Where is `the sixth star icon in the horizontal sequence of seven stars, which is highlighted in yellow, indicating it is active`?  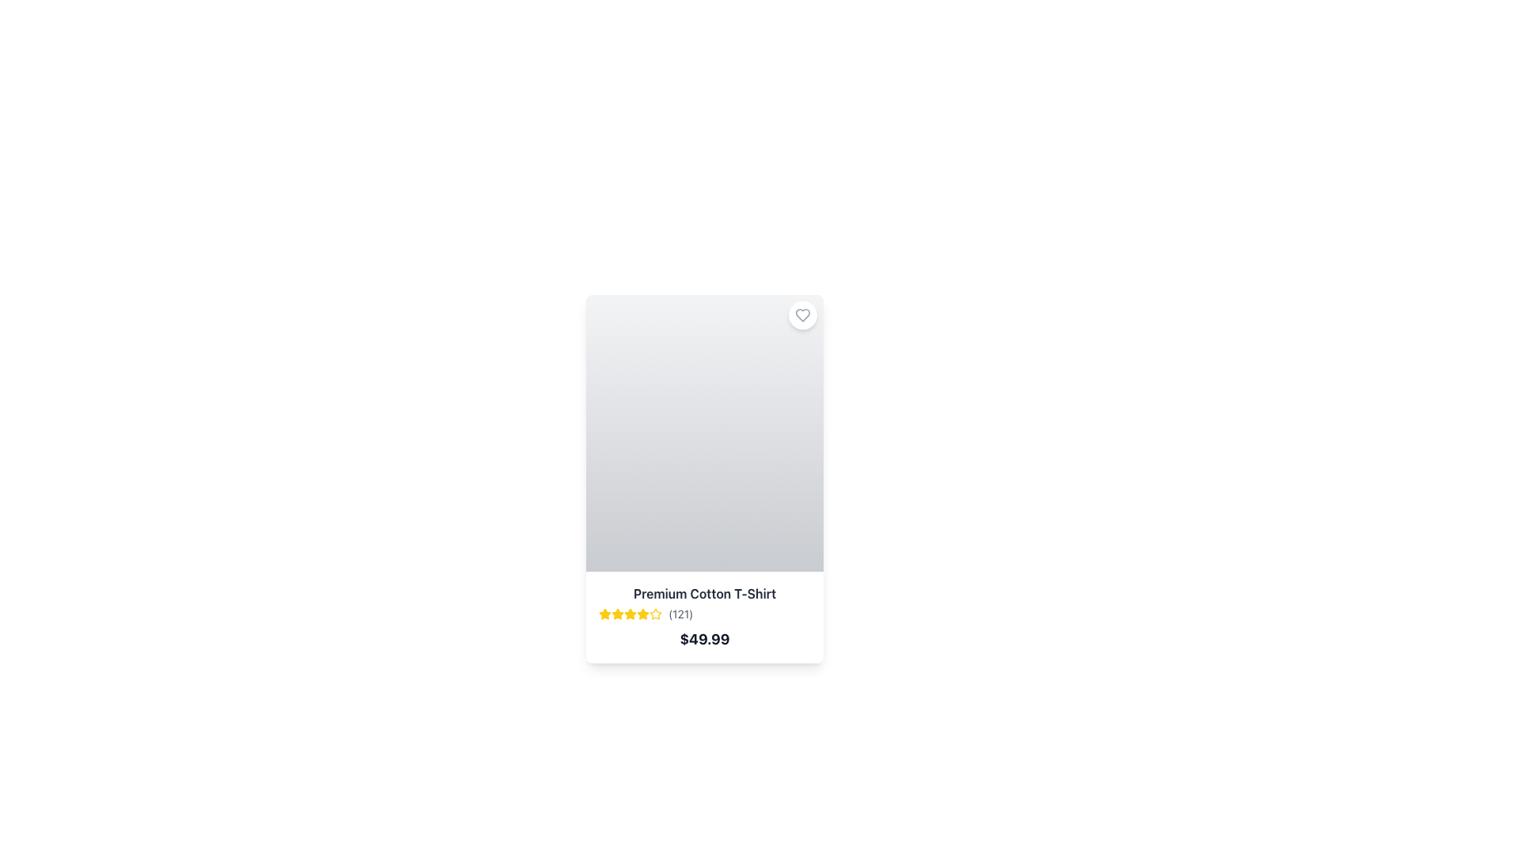 the sixth star icon in the horizontal sequence of seven stars, which is highlighted in yellow, indicating it is active is located at coordinates (642, 613).